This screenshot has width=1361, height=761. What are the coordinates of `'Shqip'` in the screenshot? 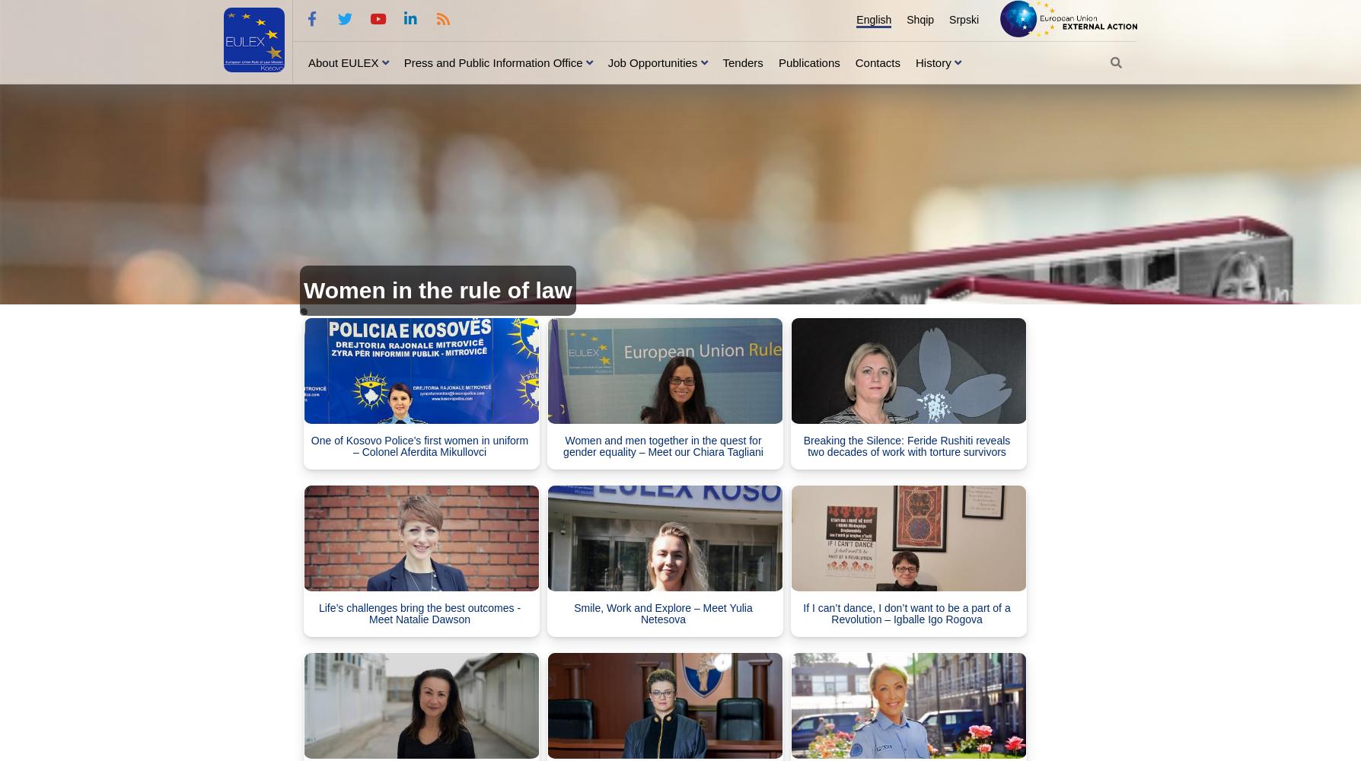 It's located at (920, 20).